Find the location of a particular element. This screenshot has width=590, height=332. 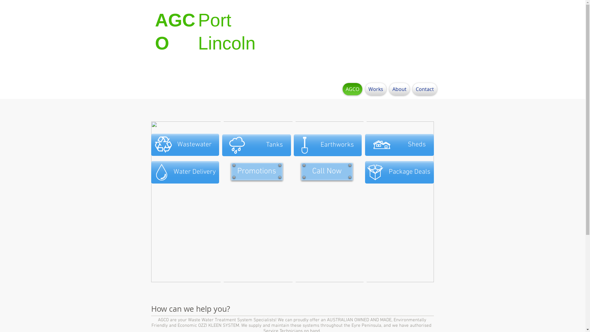

'Promotions' is located at coordinates (231, 172).